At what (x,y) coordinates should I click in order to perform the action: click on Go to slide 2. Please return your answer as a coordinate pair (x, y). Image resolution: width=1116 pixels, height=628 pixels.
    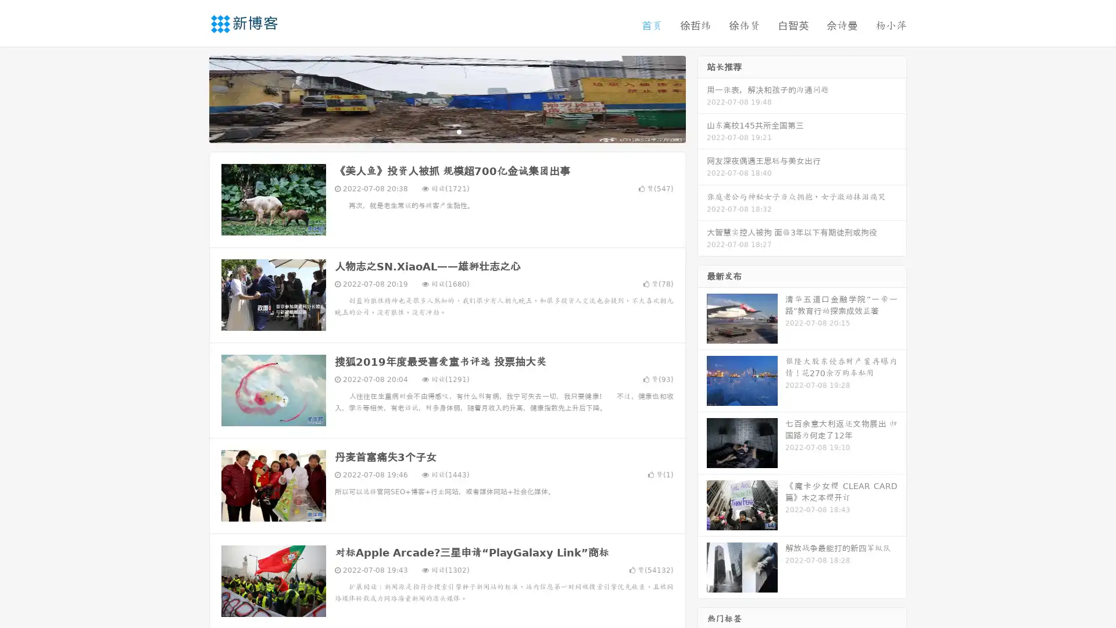
    Looking at the image, I should click on (446, 131).